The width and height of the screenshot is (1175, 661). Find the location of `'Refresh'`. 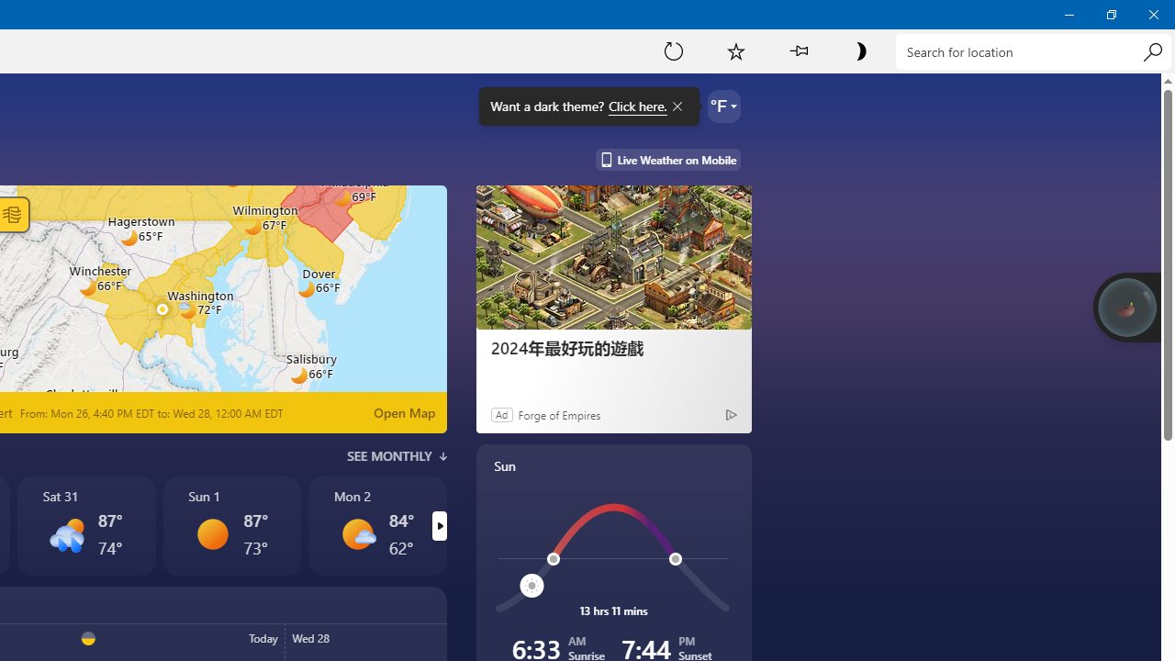

'Refresh' is located at coordinates (673, 50).